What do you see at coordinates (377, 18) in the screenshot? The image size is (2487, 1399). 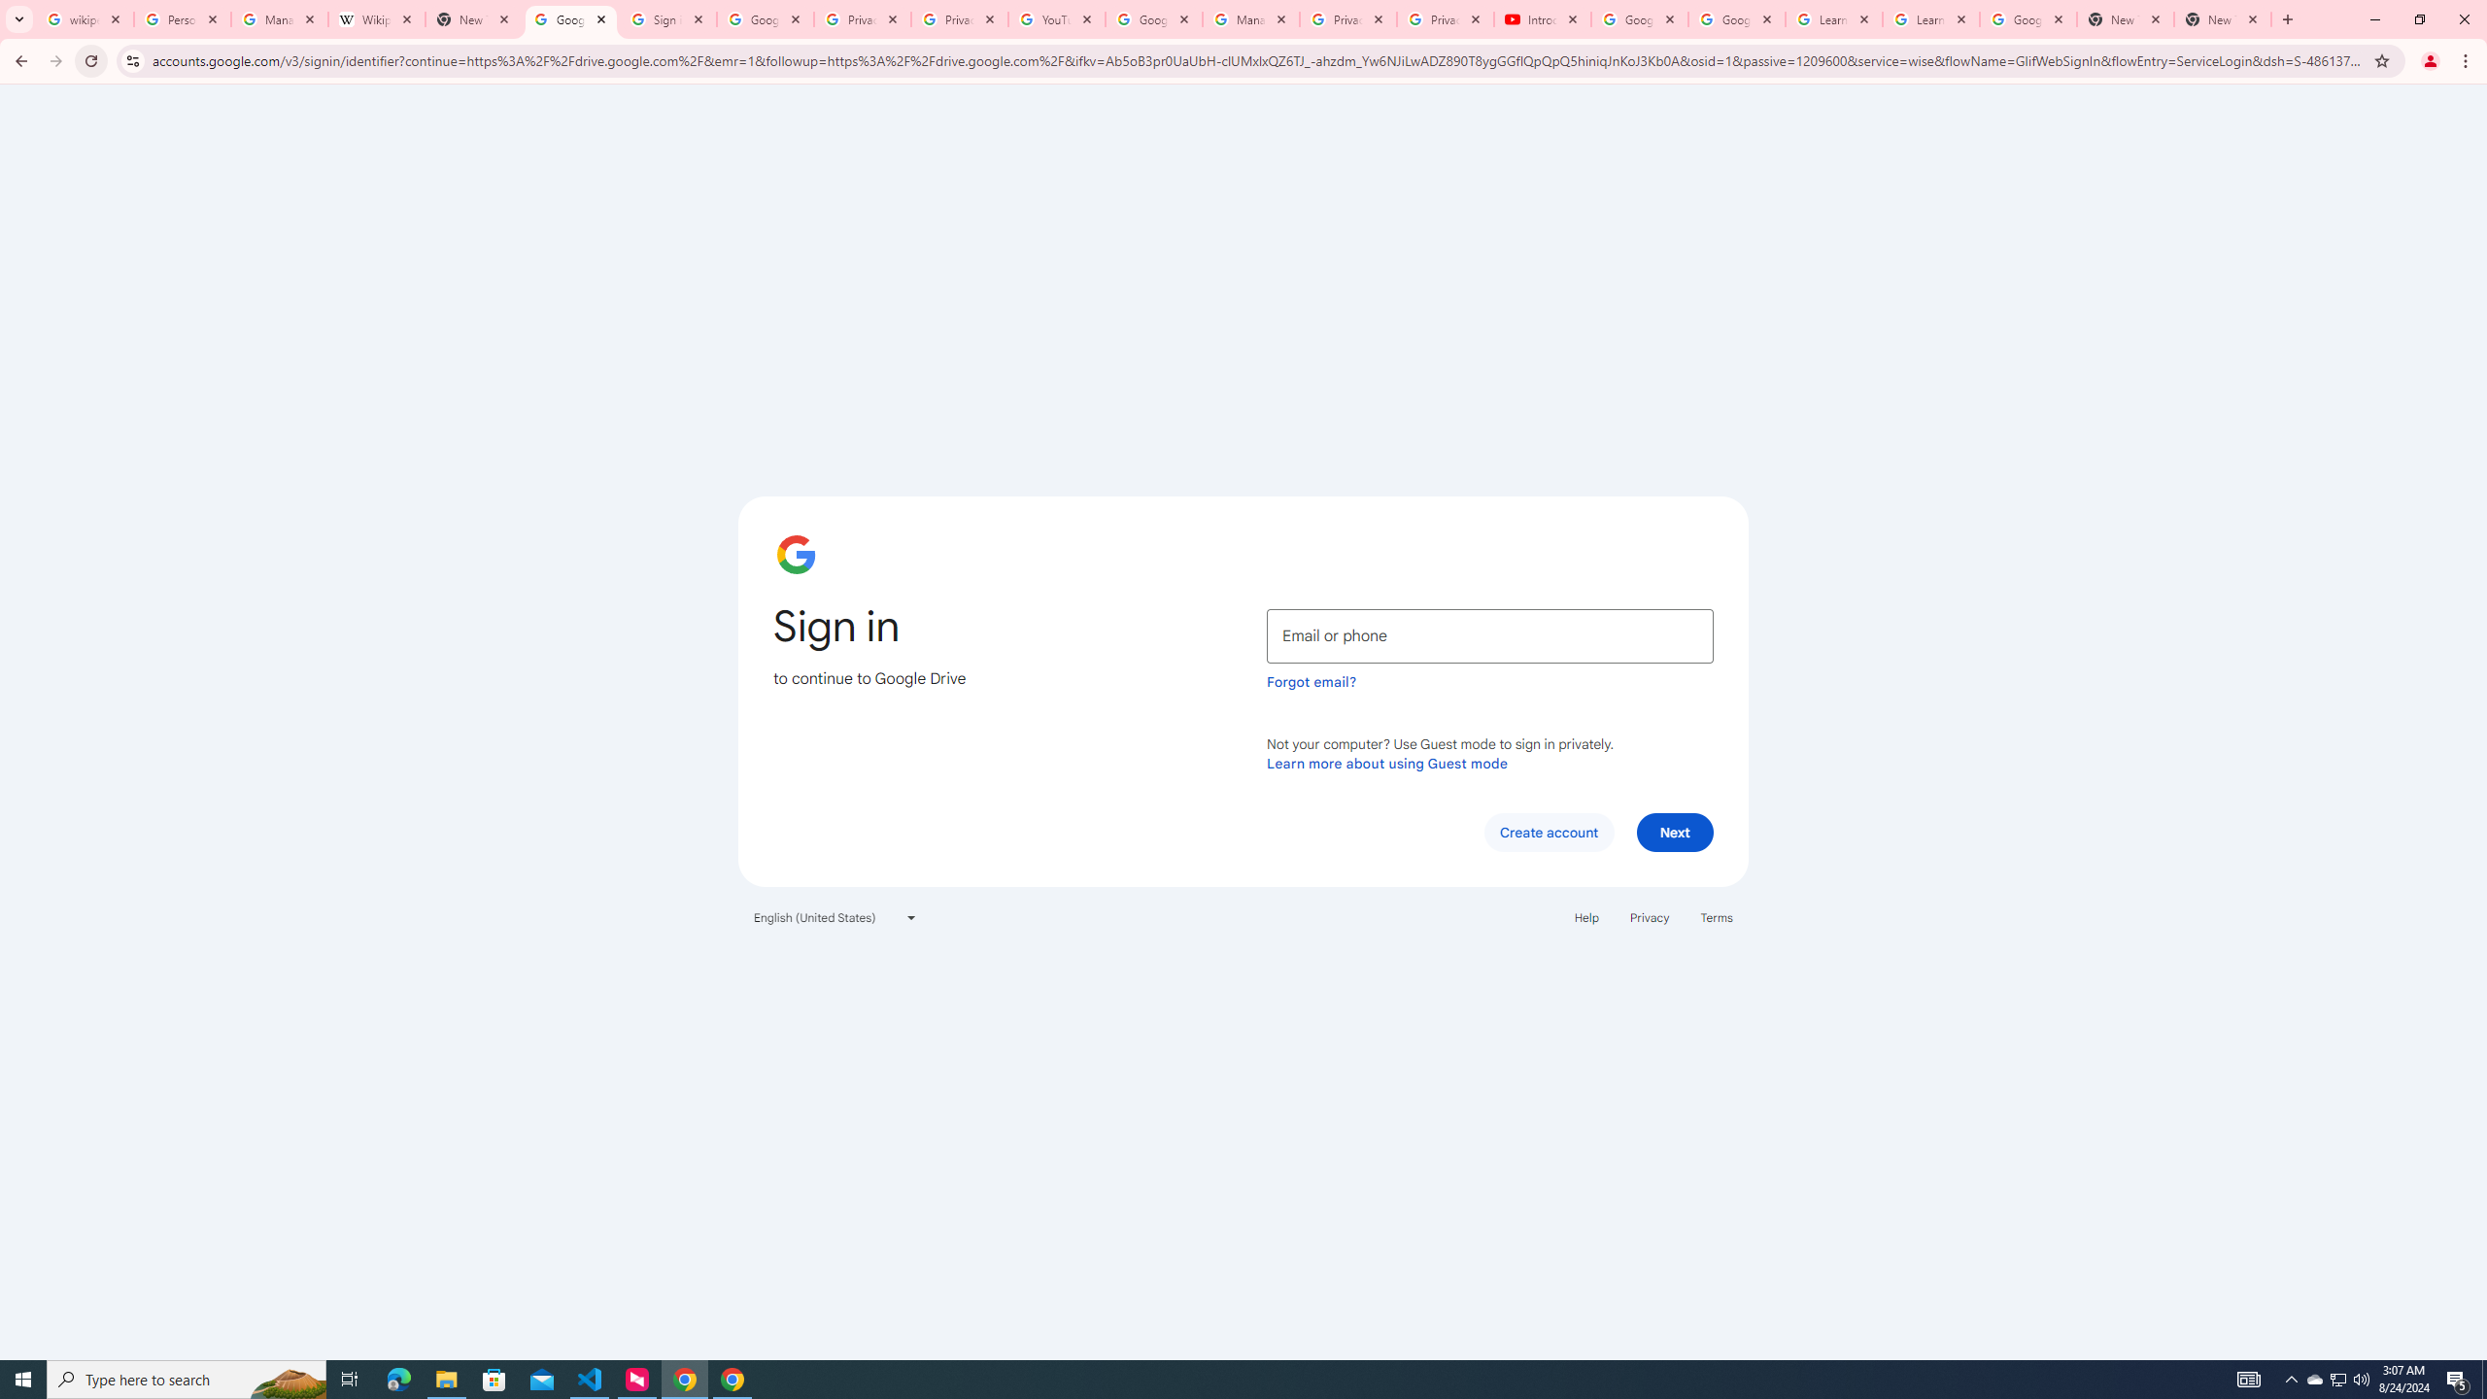 I see `'Wikipedia:Edit requests - Wikipedia'` at bounding box center [377, 18].